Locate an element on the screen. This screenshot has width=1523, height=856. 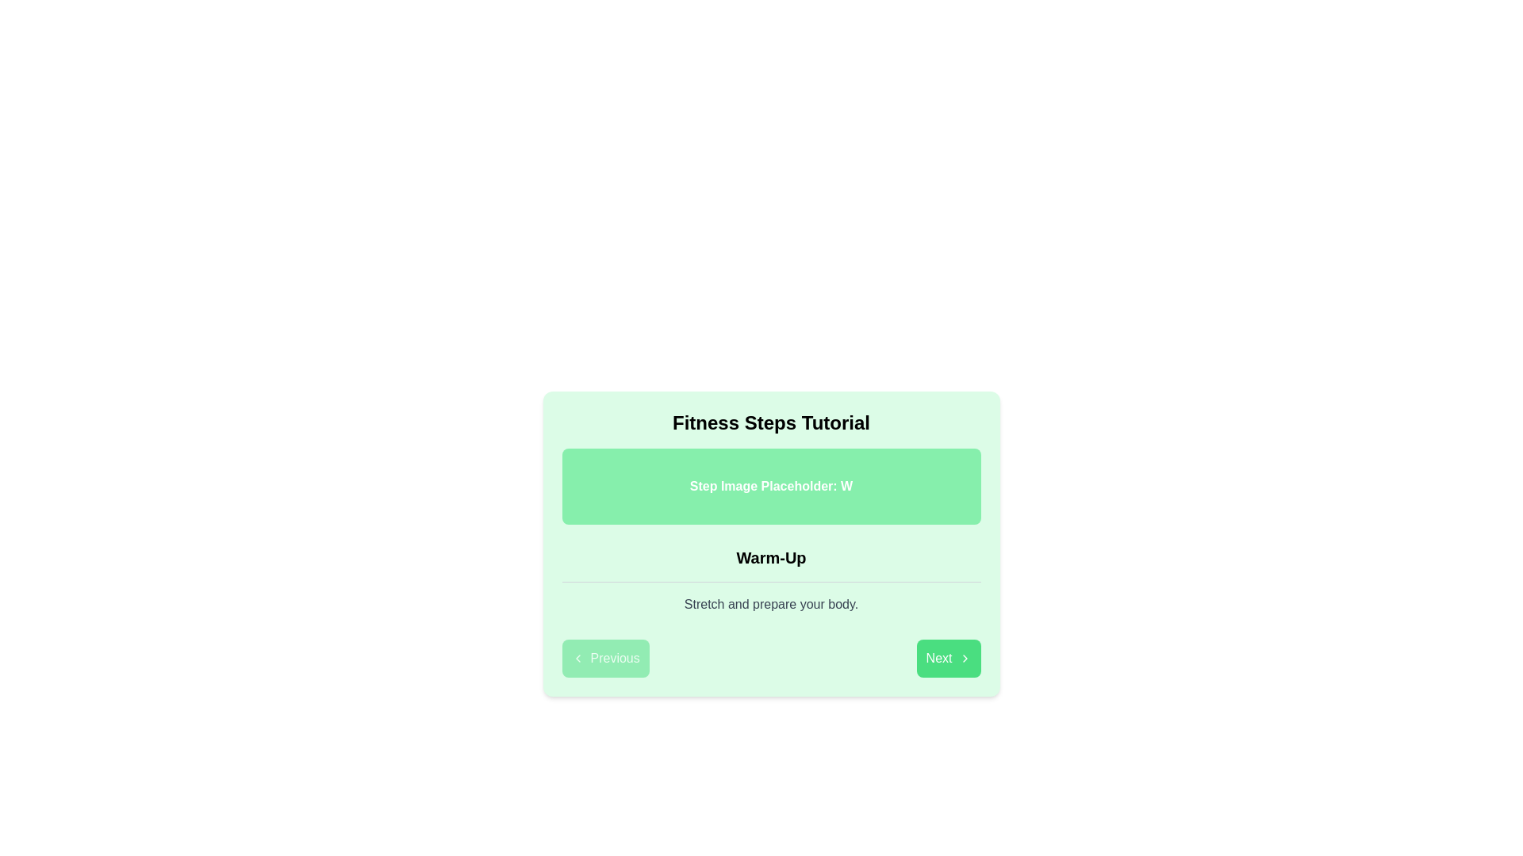
the Text Element (Heading) which serves as the title for the tutorial section, located at the top of the card-like structure is located at coordinates (771, 422).